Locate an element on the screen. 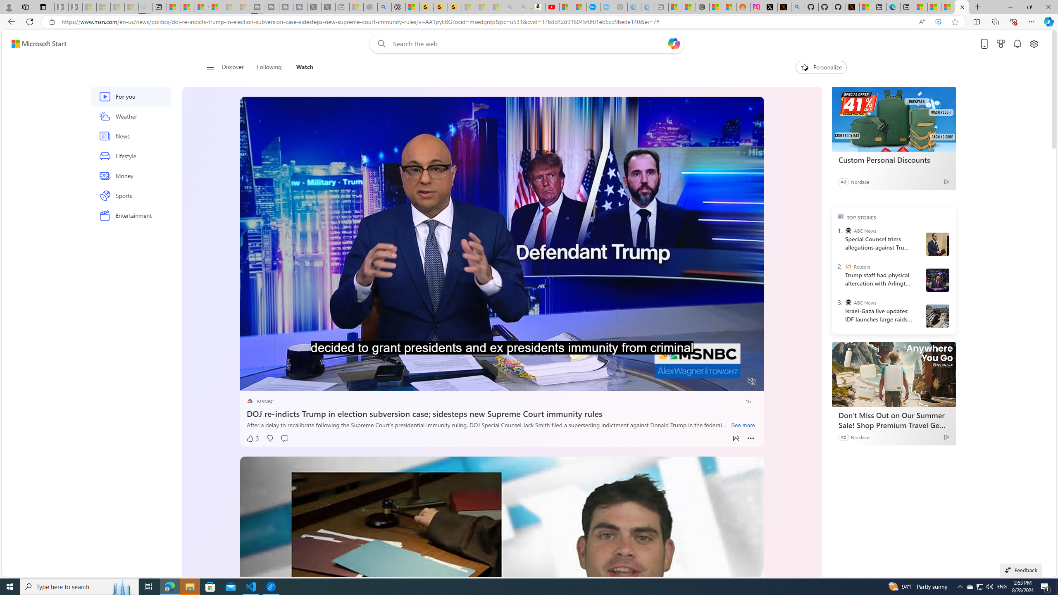 Image resolution: width=1058 pixels, height=595 pixels. '3 Like' is located at coordinates (252, 438).